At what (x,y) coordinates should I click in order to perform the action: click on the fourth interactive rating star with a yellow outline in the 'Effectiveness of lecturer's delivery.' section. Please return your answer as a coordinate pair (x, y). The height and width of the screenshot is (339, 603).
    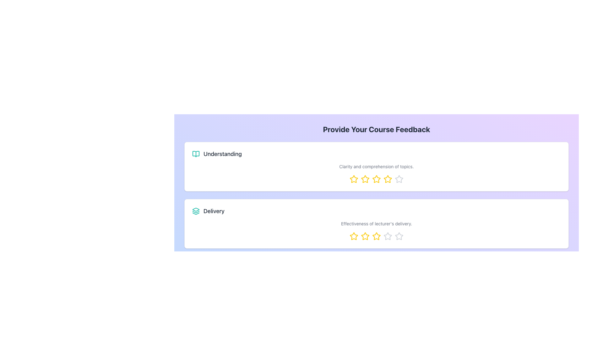
    Looking at the image, I should click on (377, 236).